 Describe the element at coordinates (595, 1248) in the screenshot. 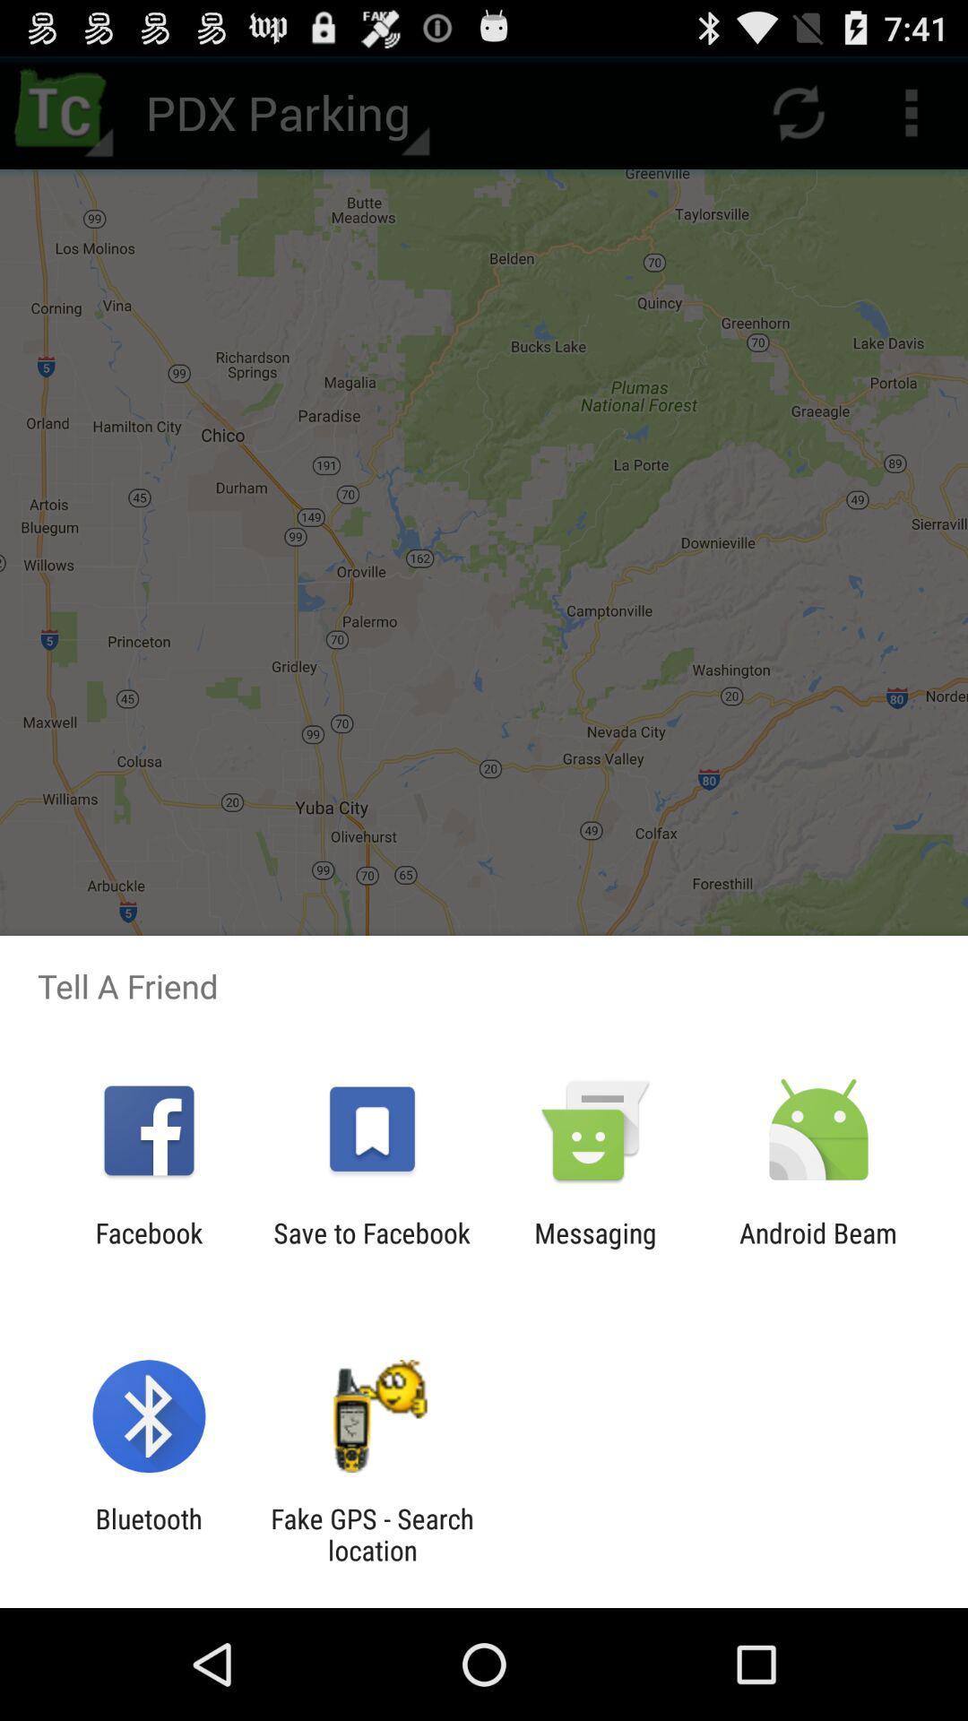

I see `messaging` at that location.